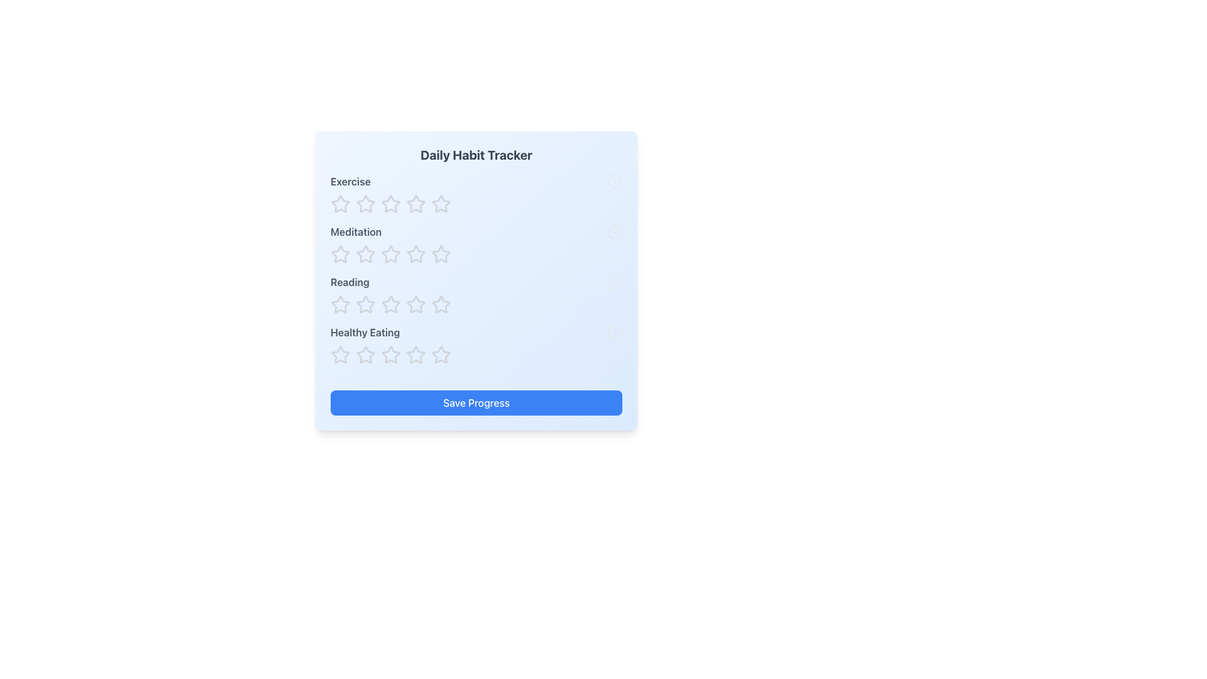 This screenshot has height=679, width=1207. What do you see at coordinates (476, 194) in the screenshot?
I see `the first star in the five-star rating scale for the 'Exercise' habit located within the 'Daily Habit Tracker' card to set the rating` at bounding box center [476, 194].